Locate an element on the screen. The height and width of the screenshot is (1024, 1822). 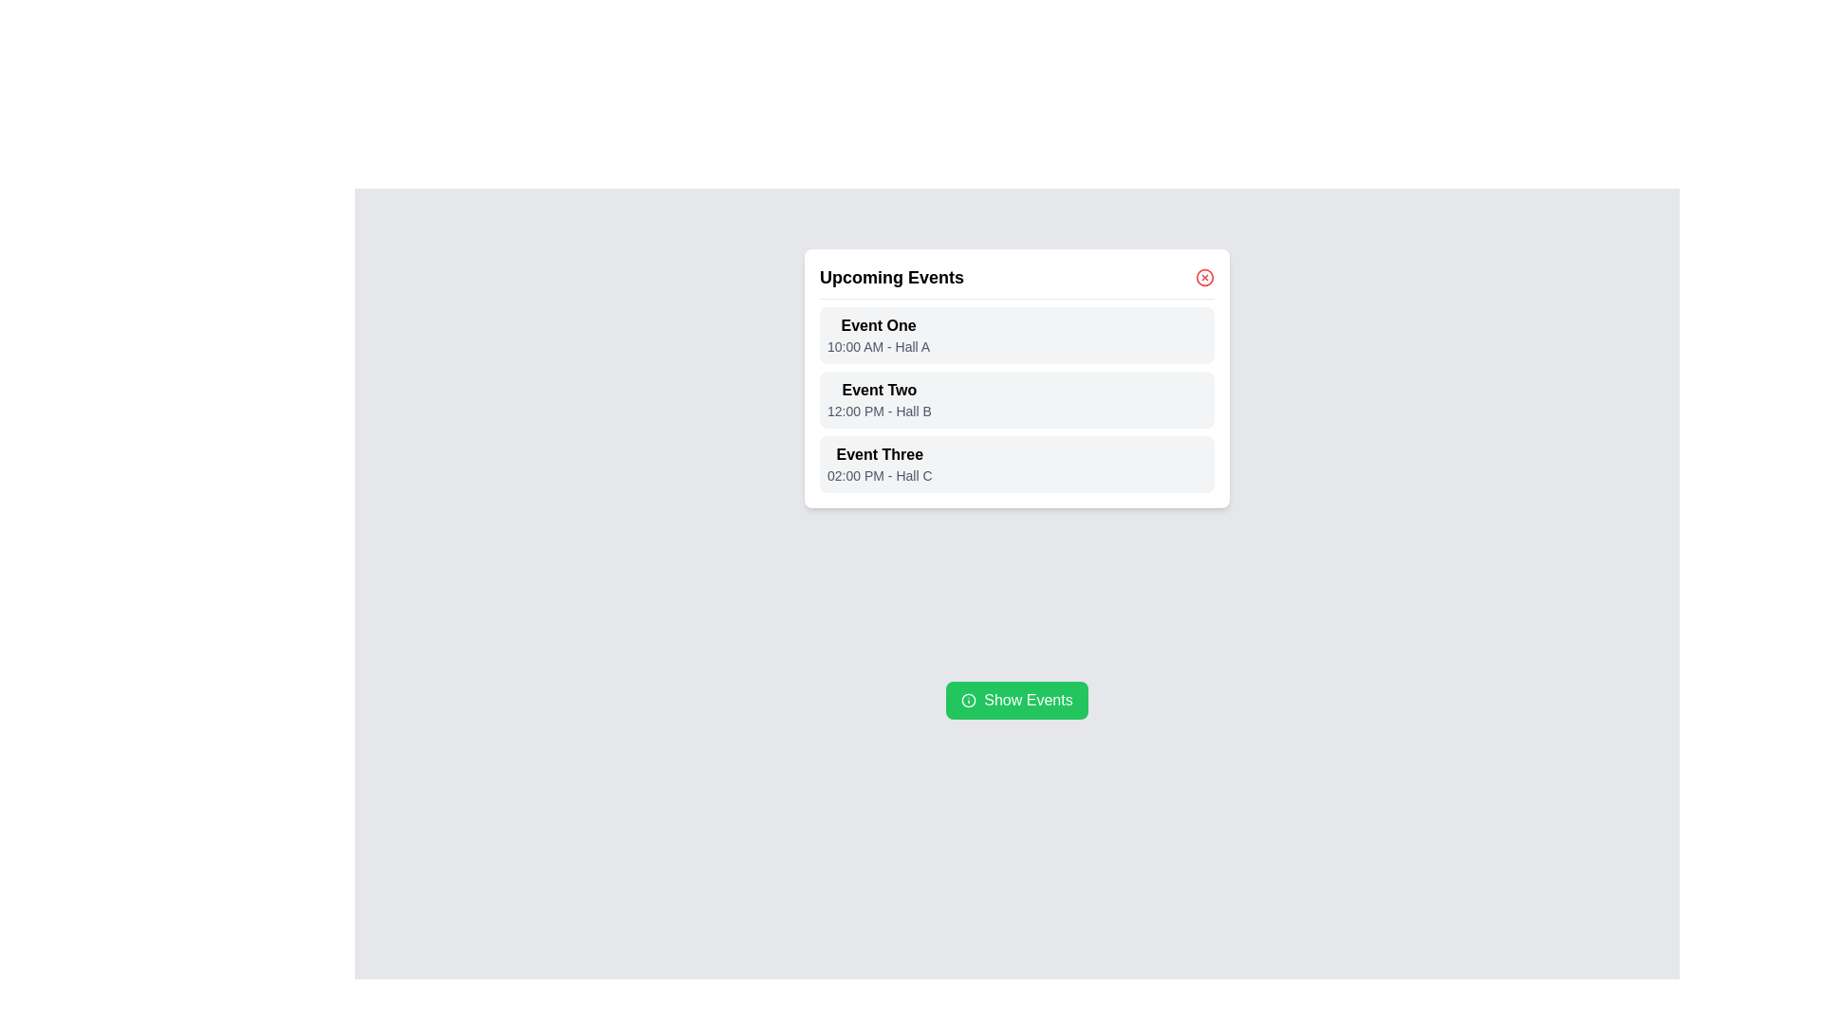
the 'Event One' text label, which is bold and black, indicating its importance as a title above the event details is located at coordinates (878, 324).